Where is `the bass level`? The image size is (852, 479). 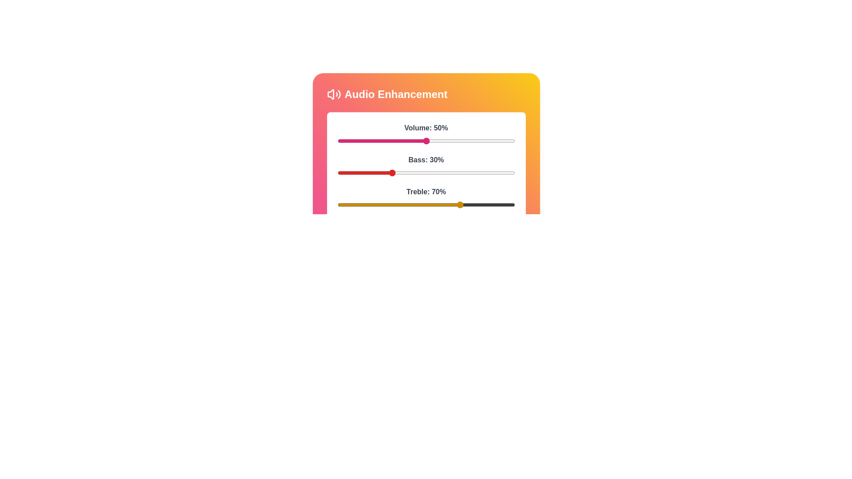 the bass level is located at coordinates (447, 173).